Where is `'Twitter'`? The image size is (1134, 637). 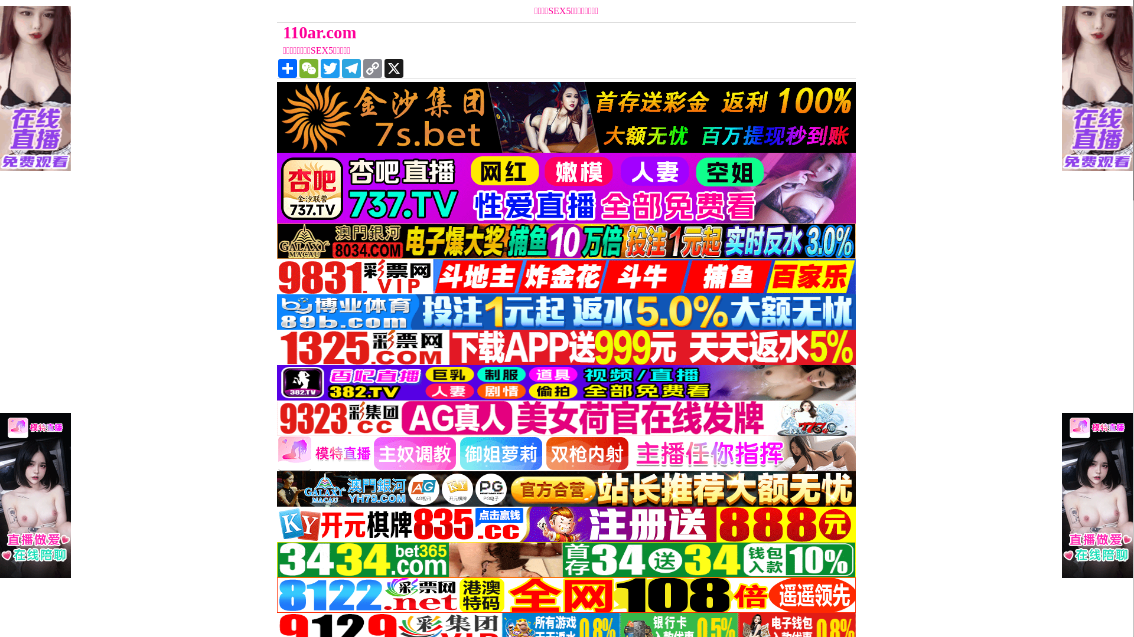
'Twitter' is located at coordinates (330, 68).